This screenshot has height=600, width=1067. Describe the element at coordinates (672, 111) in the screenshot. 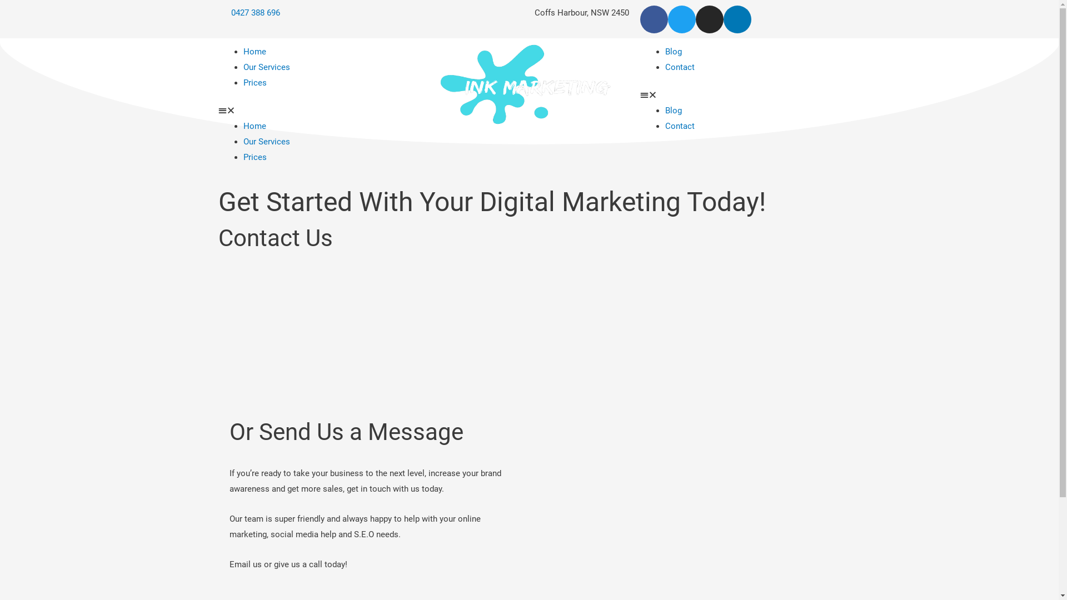

I see `'Blog'` at that location.